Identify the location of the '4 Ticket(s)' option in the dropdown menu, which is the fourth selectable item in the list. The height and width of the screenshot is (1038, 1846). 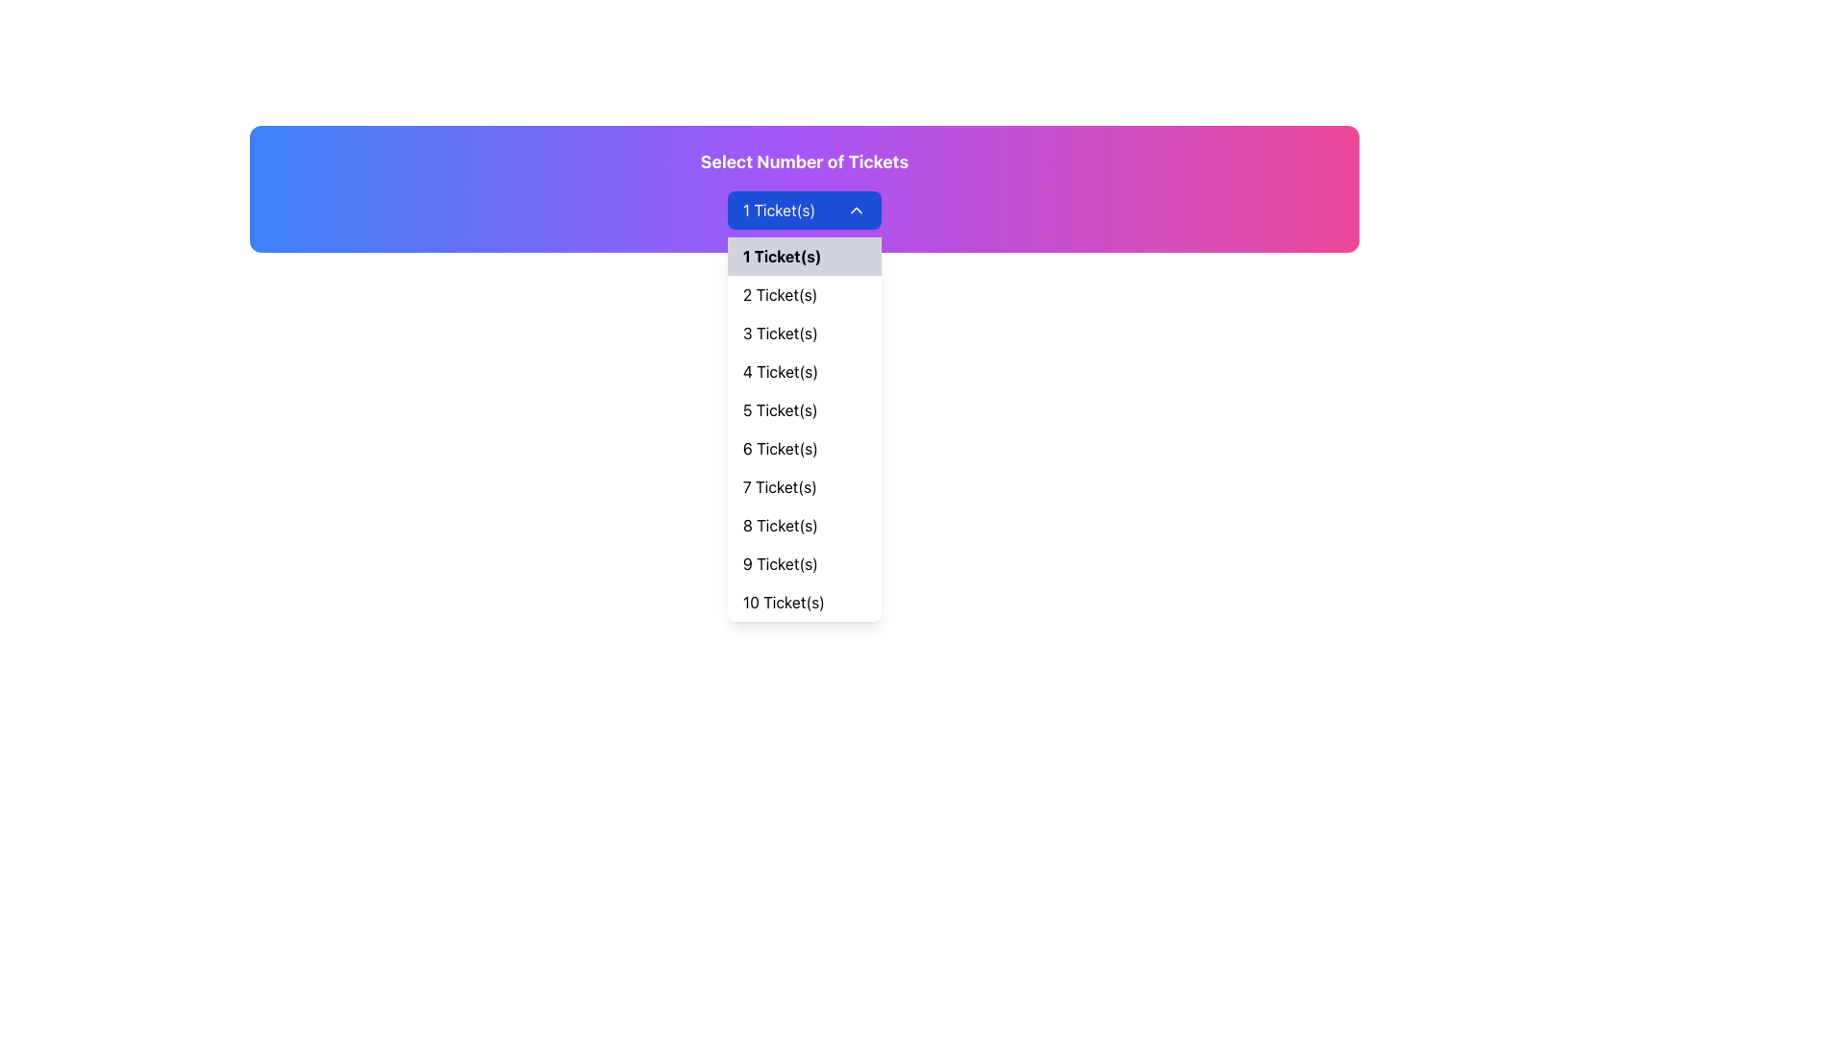
(804, 371).